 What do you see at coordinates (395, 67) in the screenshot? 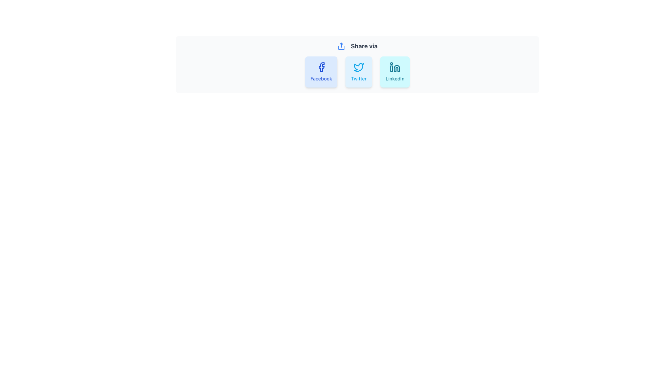
I see `the LinkedIn sharing icon located at the top center of the LinkedIn share button group, which is the third item in the horizontal list of social media share buttons` at bounding box center [395, 67].